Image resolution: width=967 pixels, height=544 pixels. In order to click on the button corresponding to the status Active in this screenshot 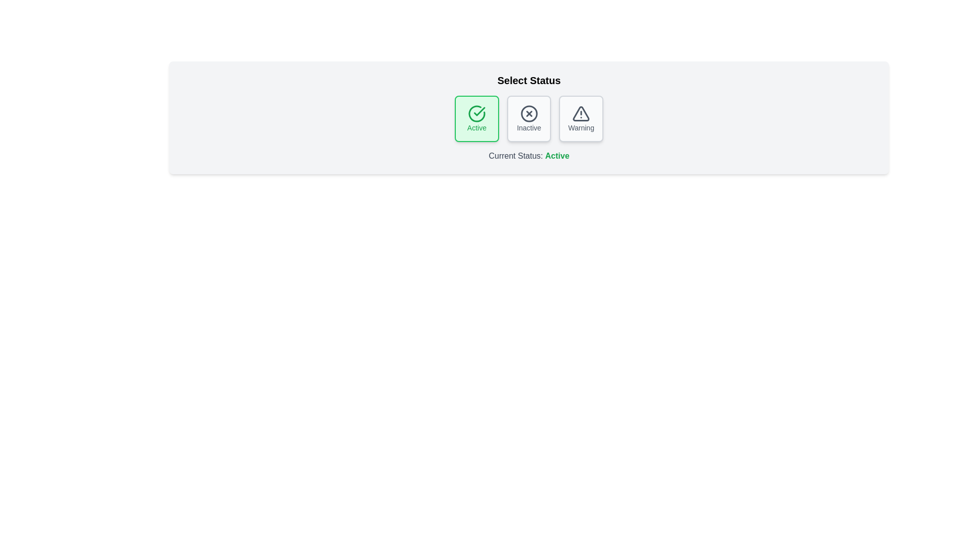, I will do `click(476, 118)`.